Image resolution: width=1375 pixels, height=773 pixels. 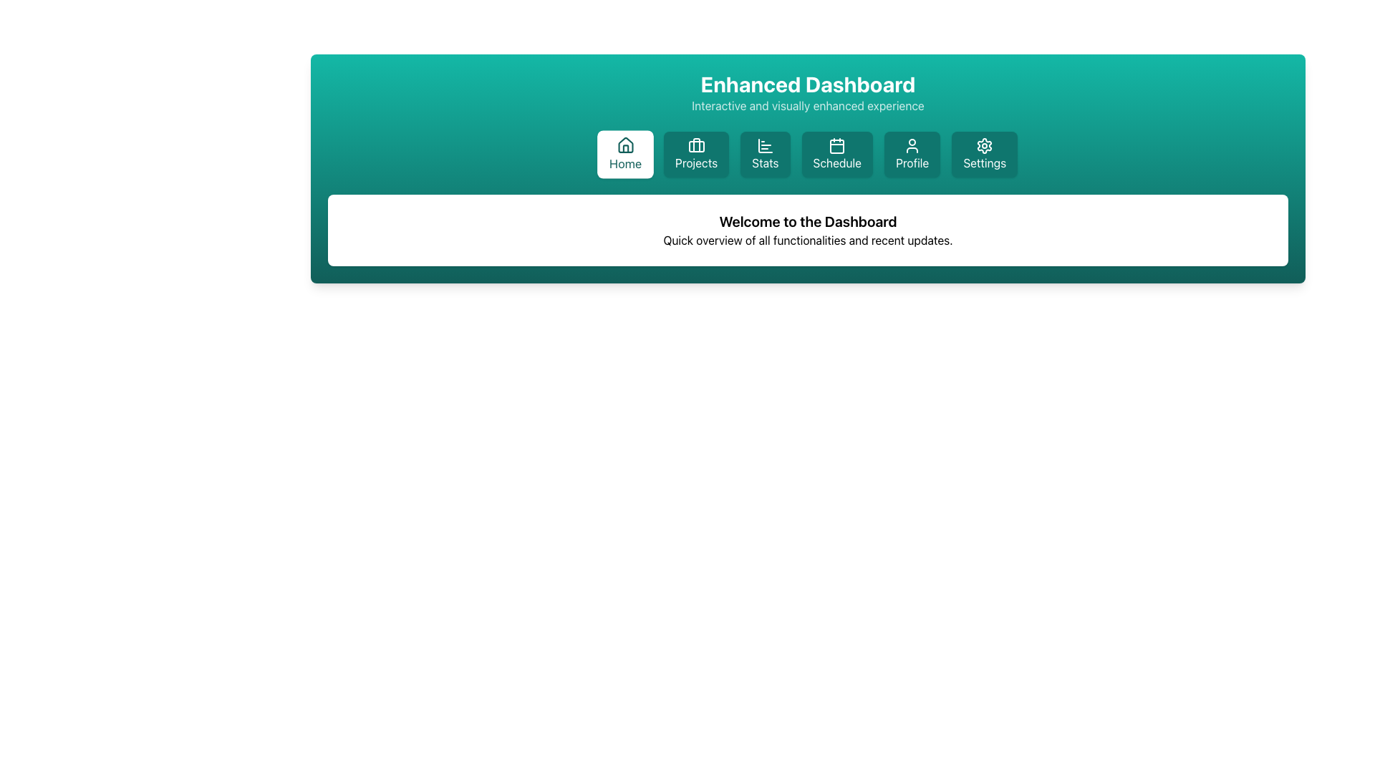 What do you see at coordinates (625, 145) in the screenshot?
I see `the 'Home' button icon located at the top center of the interface in the navigation bar` at bounding box center [625, 145].